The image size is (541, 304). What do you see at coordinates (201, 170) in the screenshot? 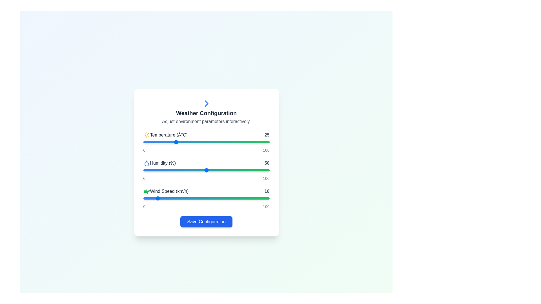
I see `the humidity level` at bounding box center [201, 170].